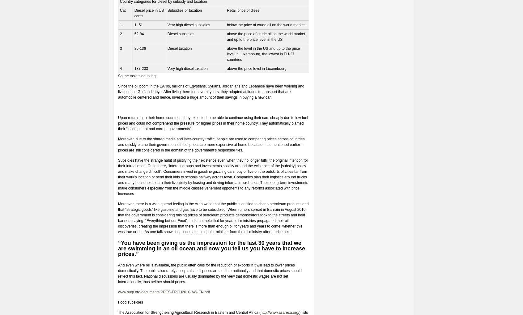  I want to click on 'http://www.asareca.org/', so click(260, 312).